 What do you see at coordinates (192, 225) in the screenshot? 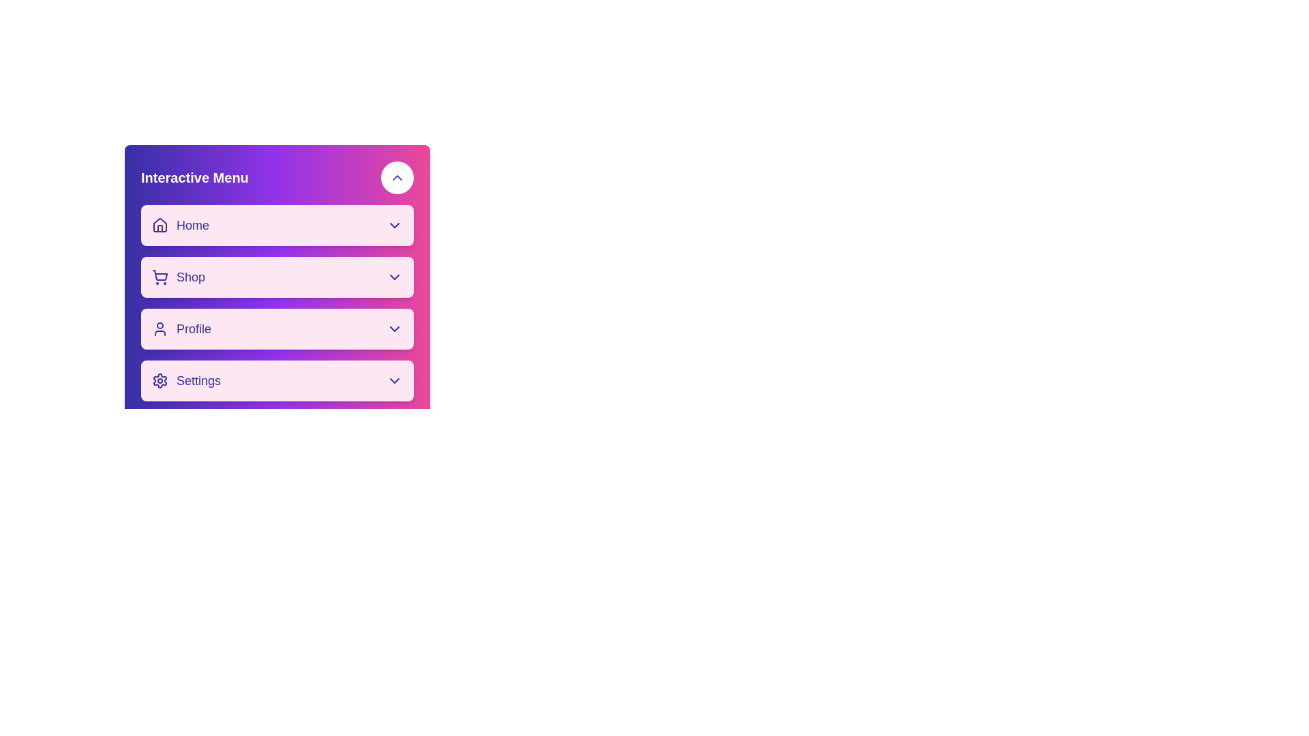
I see `the 'Home' menu title text label, which is located to the right of a house icon and to the left of a dropdown arrow` at bounding box center [192, 225].